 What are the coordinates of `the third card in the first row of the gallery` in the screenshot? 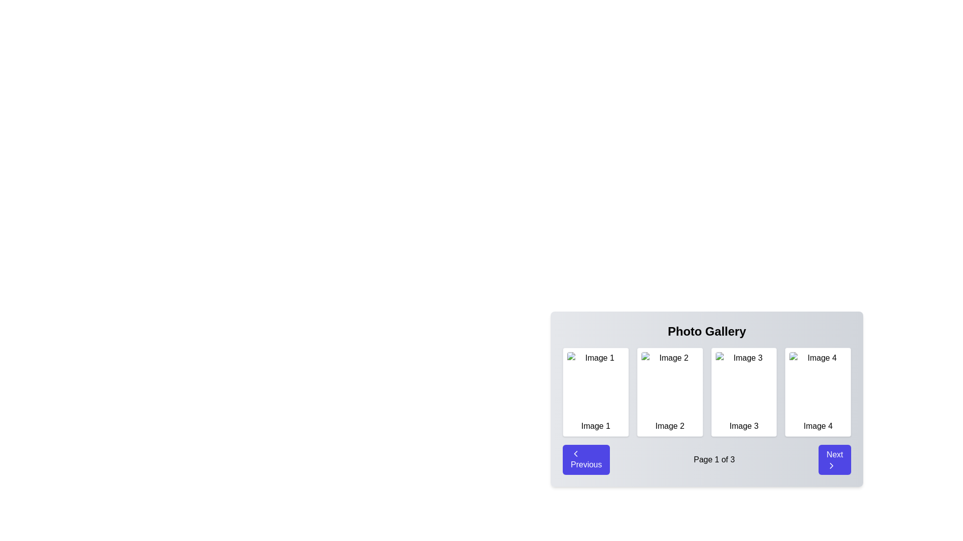 It's located at (744, 392).